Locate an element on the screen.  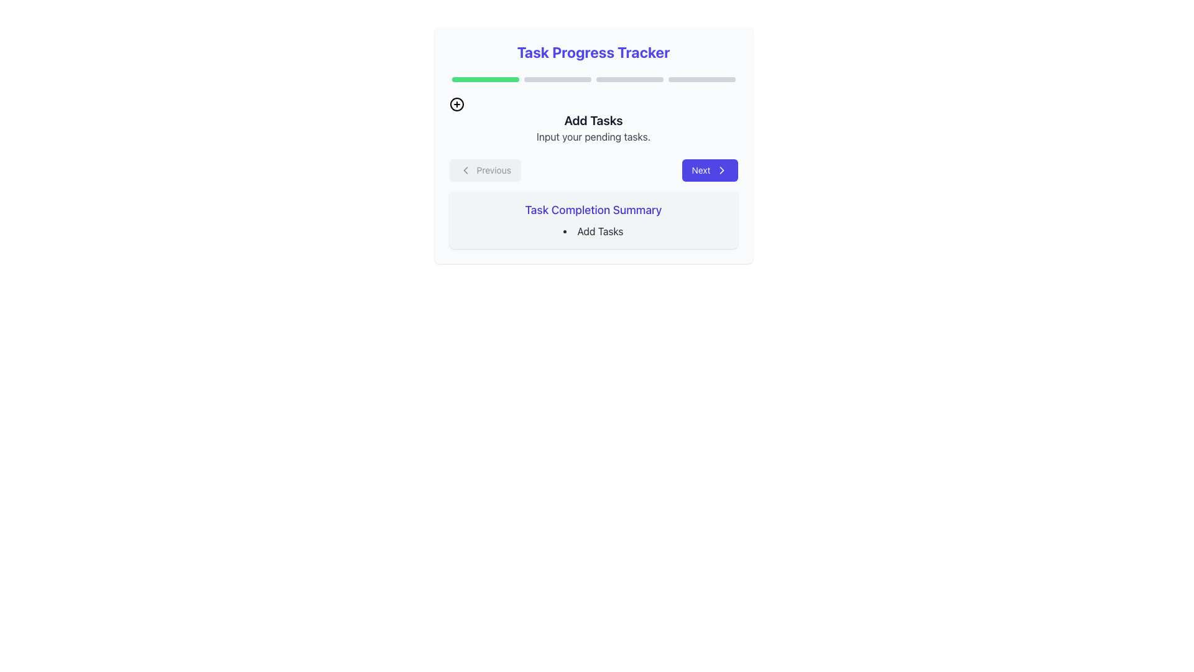
the second progress indicator segment, which is a rounded gray bar representing part of a progress bar, located near the top section below the title 'Task Progress Tracker' is located at coordinates (557, 79).